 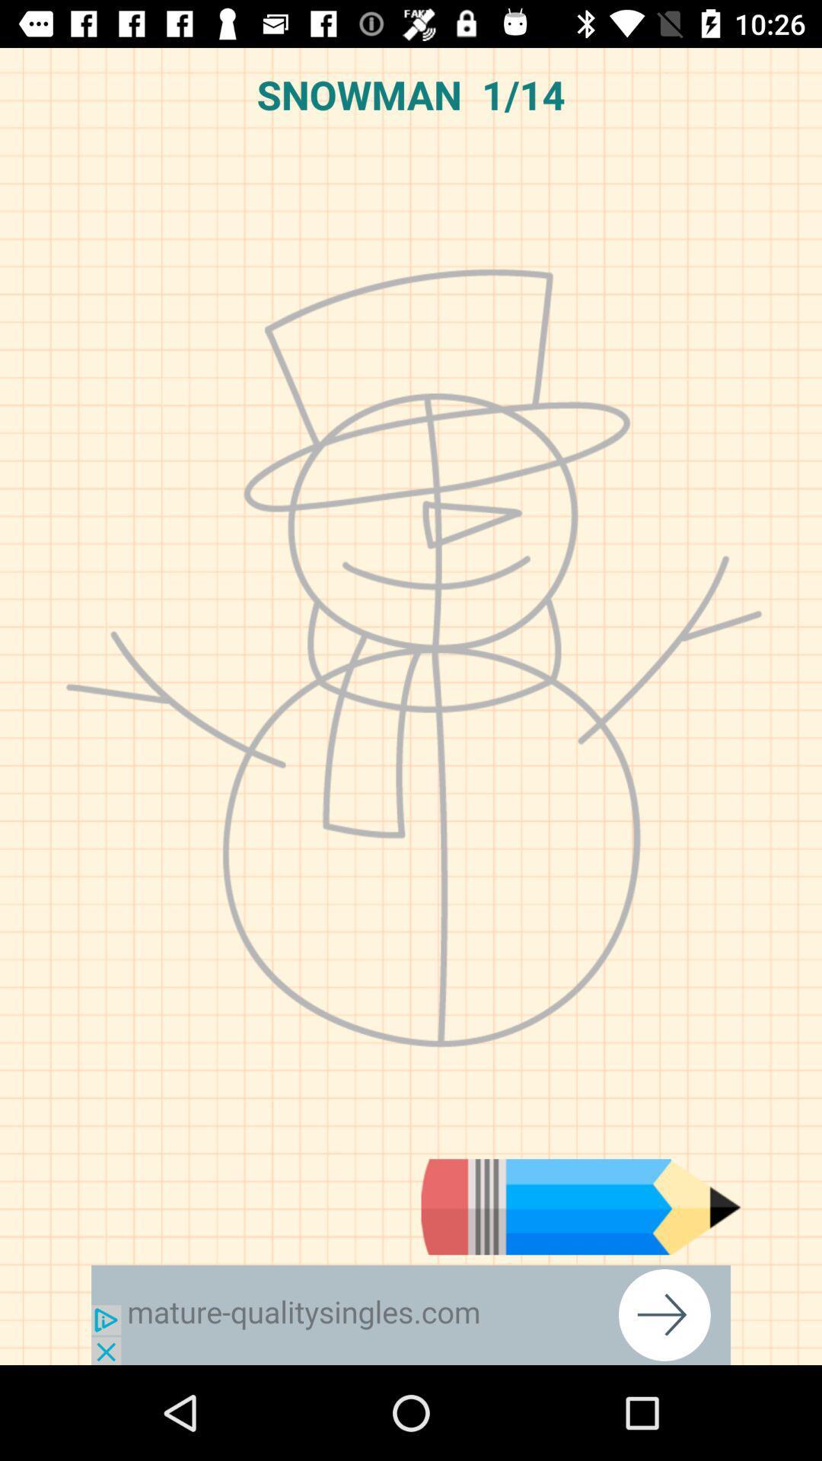 What do you see at coordinates (581, 1206) in the screenshot?
I see `draw` at bounding box center [581, 1206].